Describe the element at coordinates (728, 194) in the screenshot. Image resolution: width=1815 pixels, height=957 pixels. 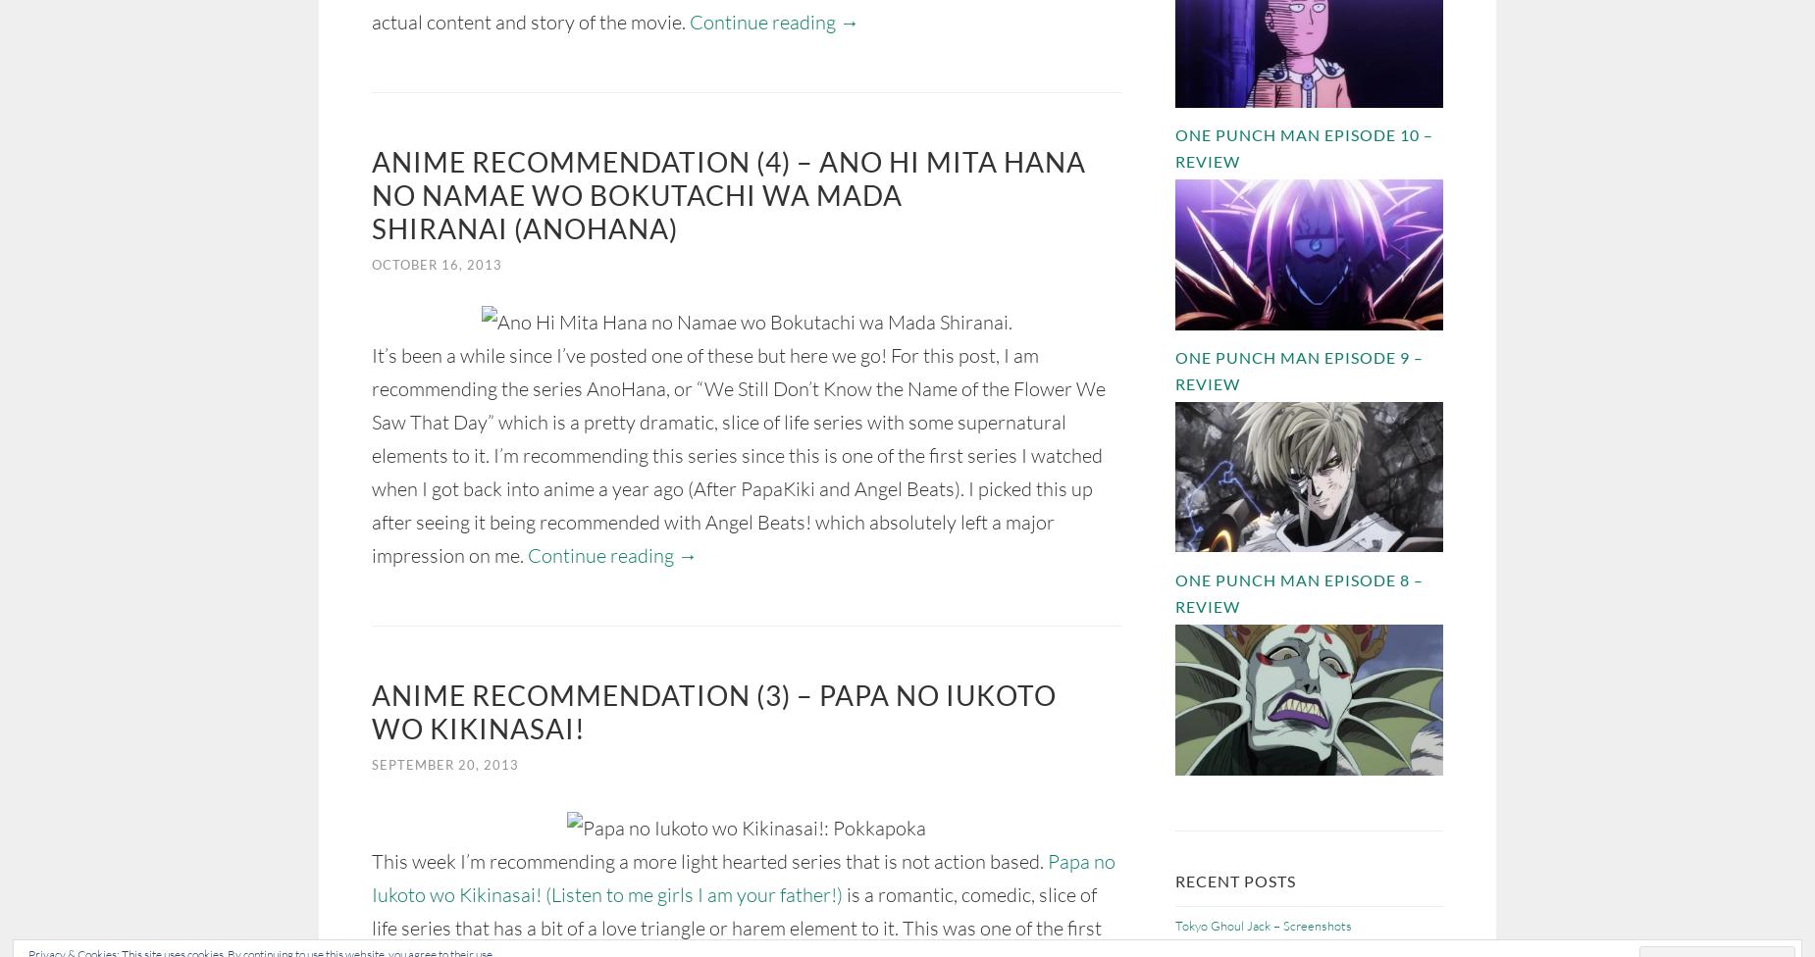
I see `'Anime Recommendation (4) – Ano Hi Mita Hana no Namae wo Bokutachi wa Mada Shiranai (AnoHana)'` at that location.